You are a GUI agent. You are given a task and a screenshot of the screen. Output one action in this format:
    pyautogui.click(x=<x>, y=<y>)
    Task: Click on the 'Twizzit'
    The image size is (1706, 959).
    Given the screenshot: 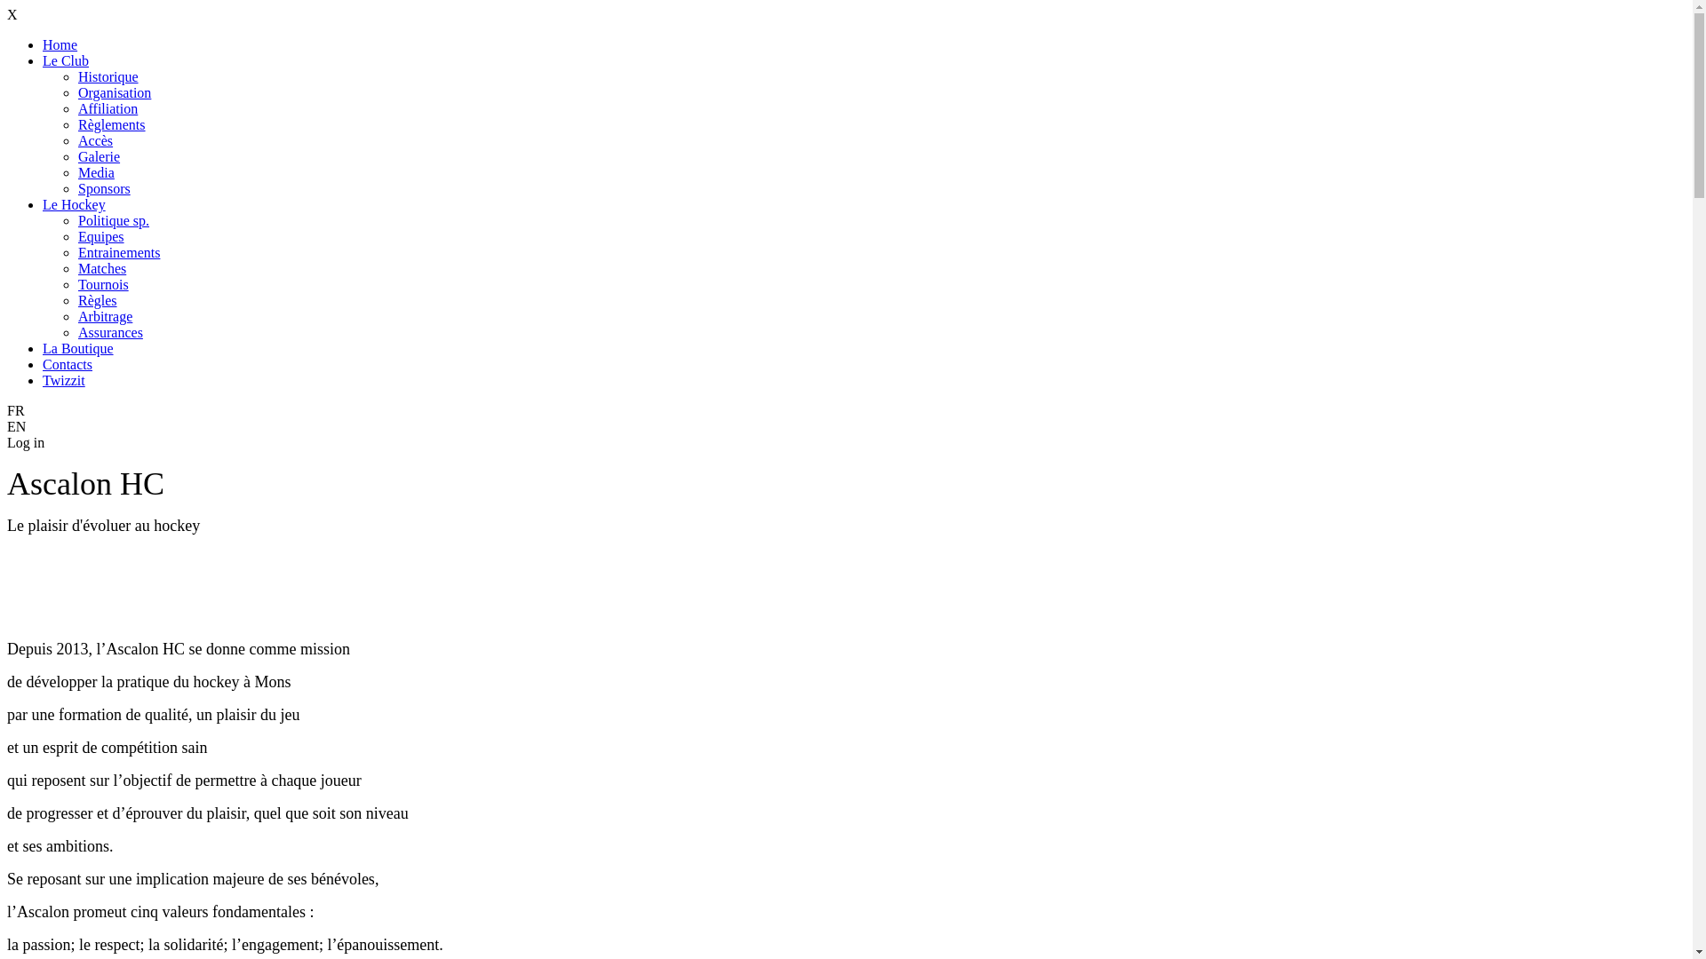 What is the action you would take?
    pyautogui.click(x=64, y=379)
    